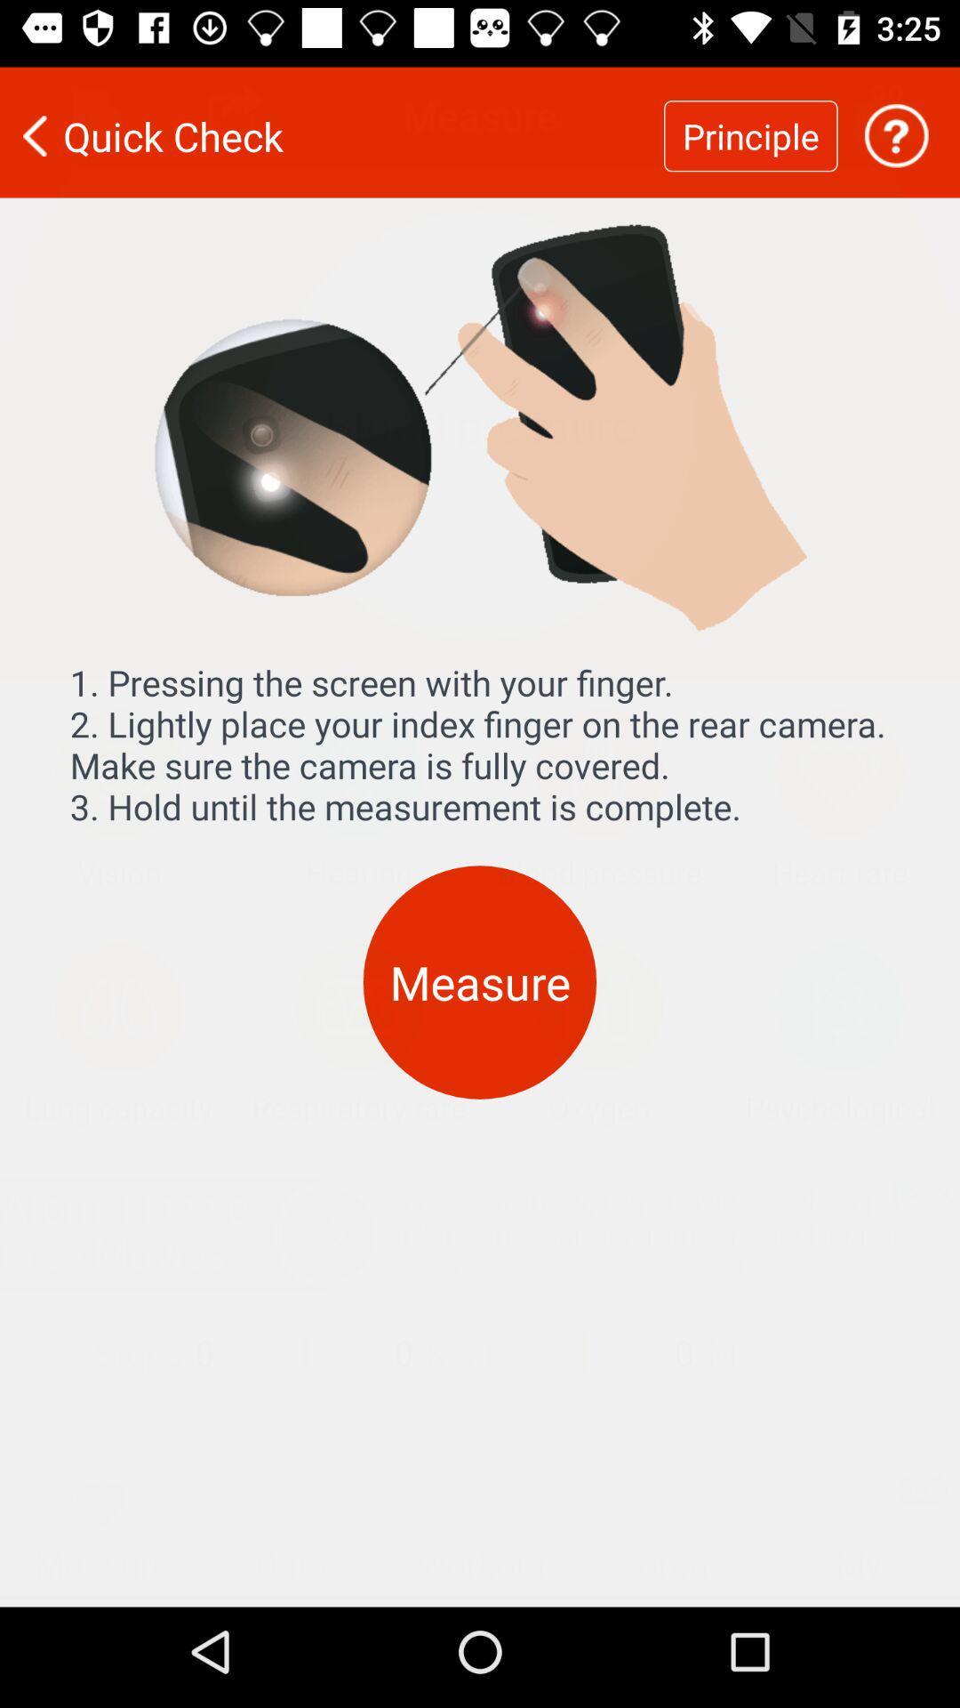 The height and width of the screenshot is (1708, 960). Describe the element at coordinates (332, 124) in the screenshot. I see `quick check item` at that location.